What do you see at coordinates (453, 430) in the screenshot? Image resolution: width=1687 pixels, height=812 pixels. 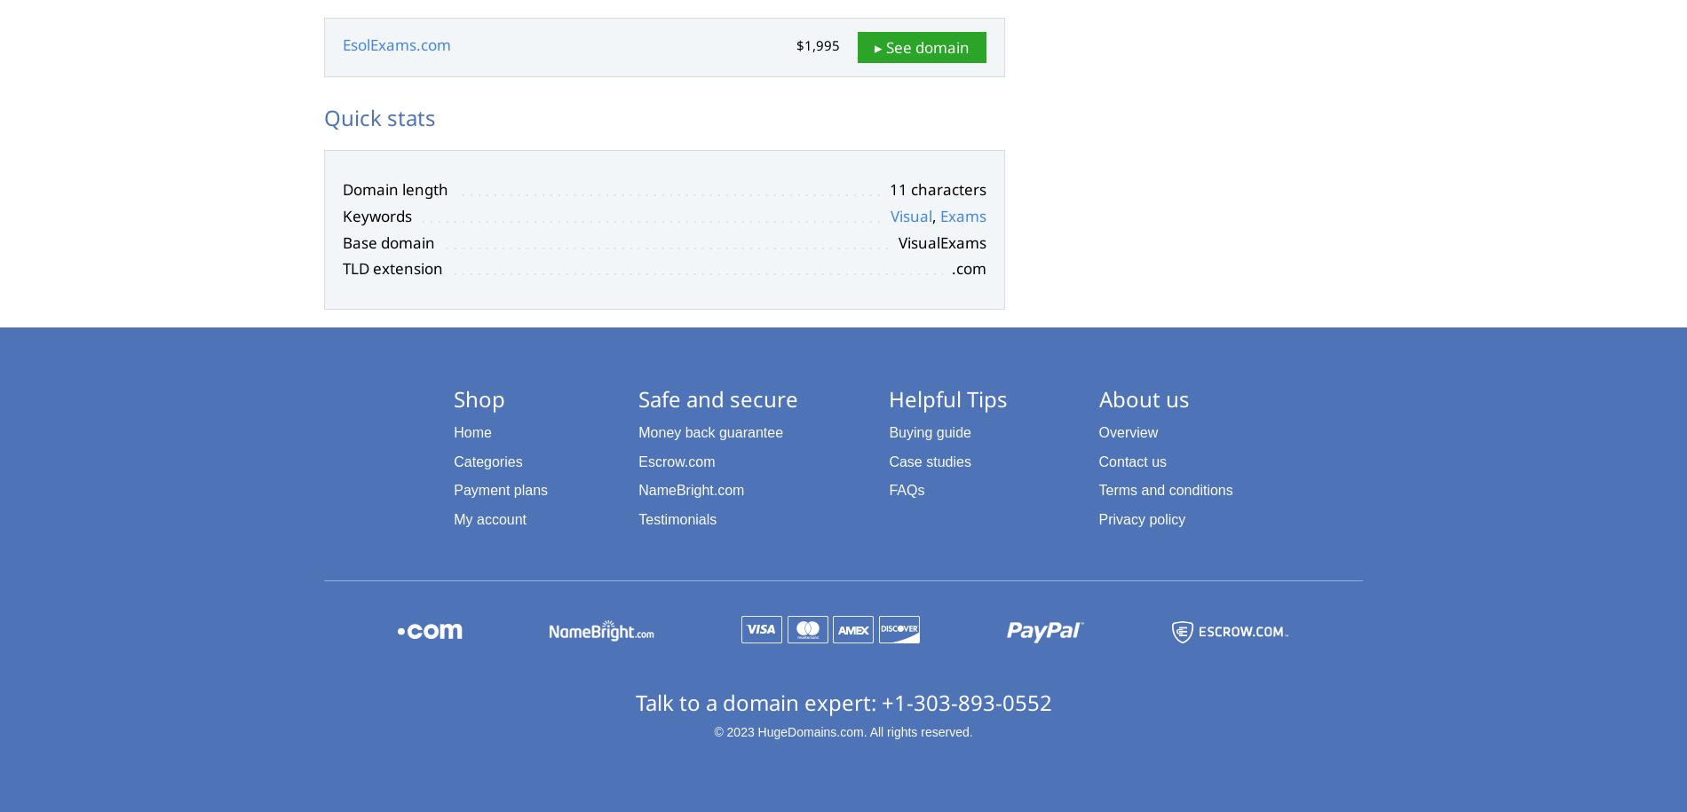 I see `'Home'` at bounding box center [453, 430].